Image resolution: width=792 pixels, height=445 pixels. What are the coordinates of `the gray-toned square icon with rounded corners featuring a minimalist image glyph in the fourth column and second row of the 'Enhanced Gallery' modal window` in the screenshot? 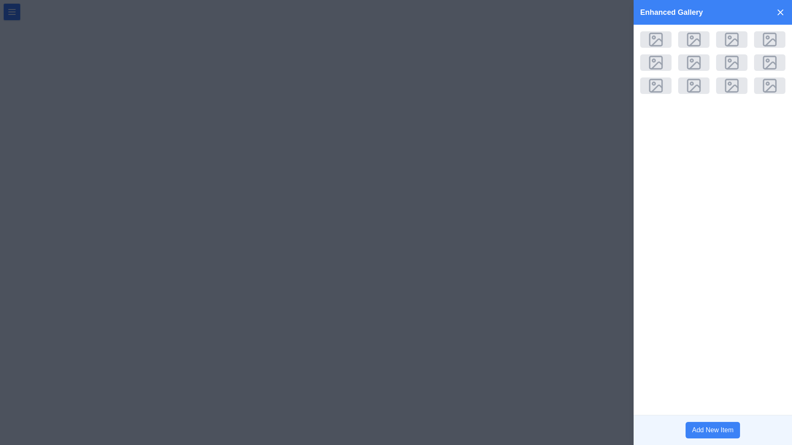 It's located at (732, 62).